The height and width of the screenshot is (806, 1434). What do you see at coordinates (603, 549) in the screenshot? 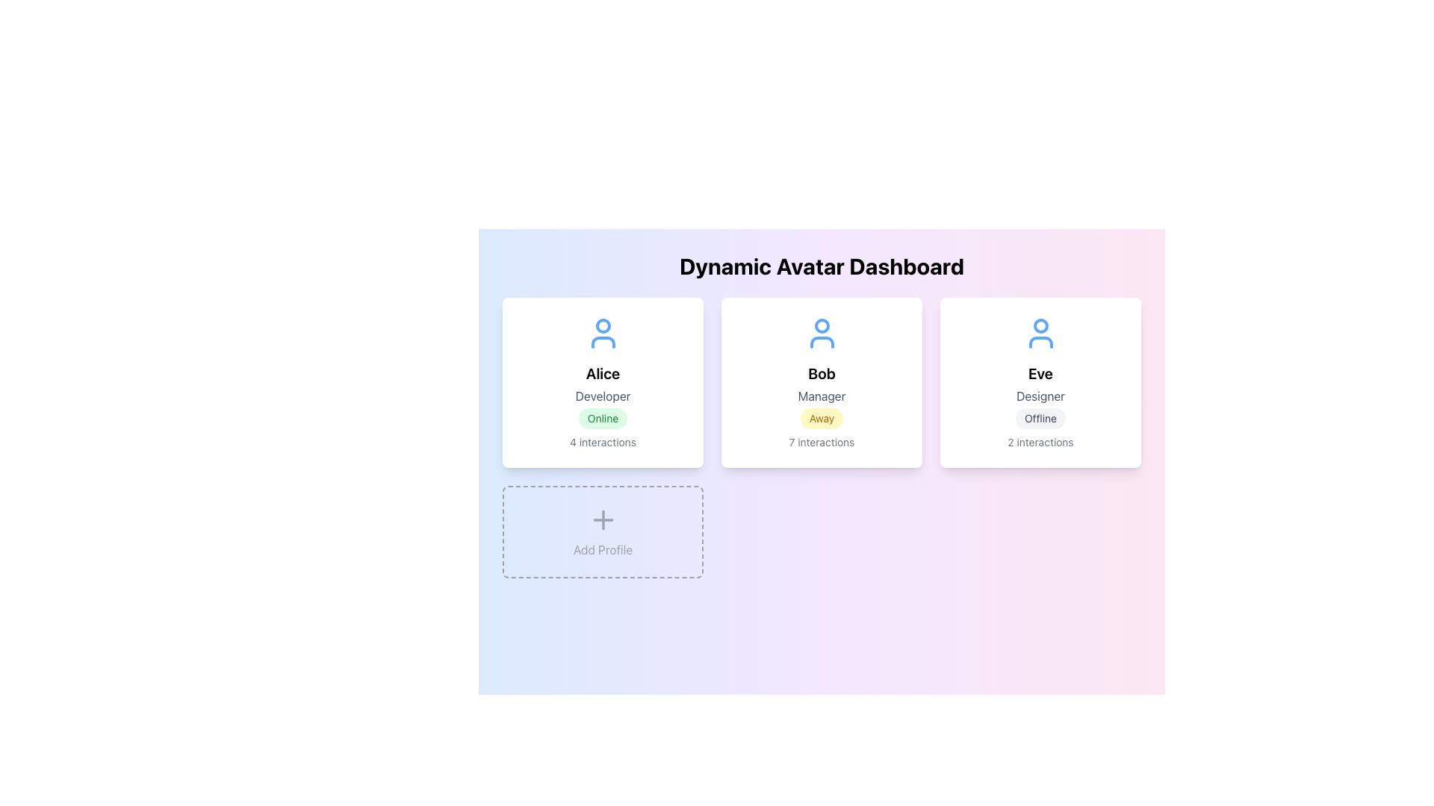
I see `the static text label displaying 'Add Profile' in gray font, which is part of a clickable card-like structure located beneath the avatars labeled 'Alice,' 'Bob,' and 'Eve.'` at bounding box center [603, 549].